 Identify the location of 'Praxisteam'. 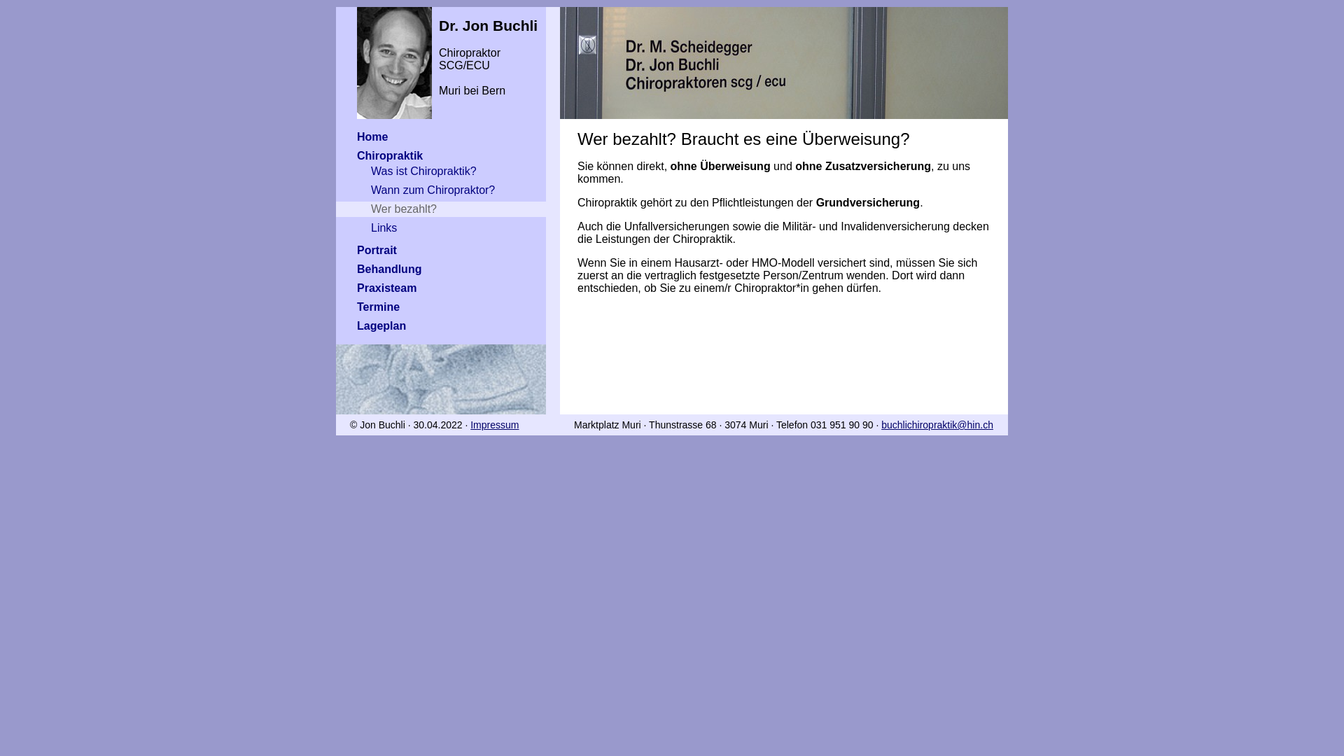
(336, 288).